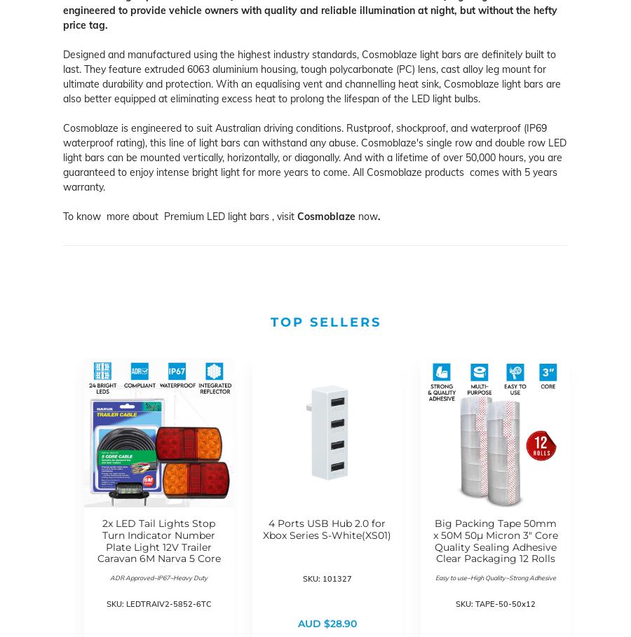 The image size is (631, 637). Describe the element at coordinates (62, 76) in the screenshot. I see `'Designed and manufactured using the highest industry standards, Cosmoblaze light bars are definitely built to last. They feature extruded 6063 aluminium housing, tough polycarbonate (PC) lens, cast alloy leg mount for ultimate durability and protection. With an equalising vent and channelling heat sink, Cosmoblaze light bars are also better equipped at eliminating excess heat to prolong the lifespan of the LED light bulbs.'` at that location.